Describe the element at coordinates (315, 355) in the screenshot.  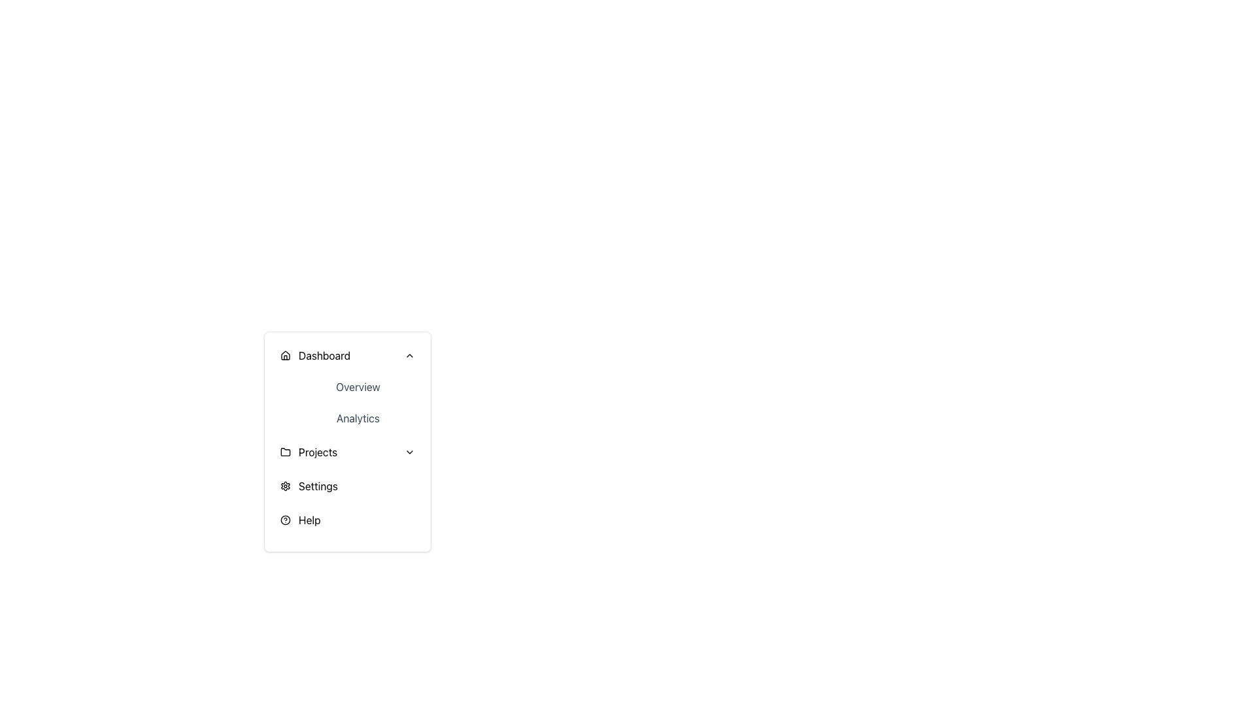
I see `the chevron icon next to the 'Dashboard' navigational menu item` at that location.